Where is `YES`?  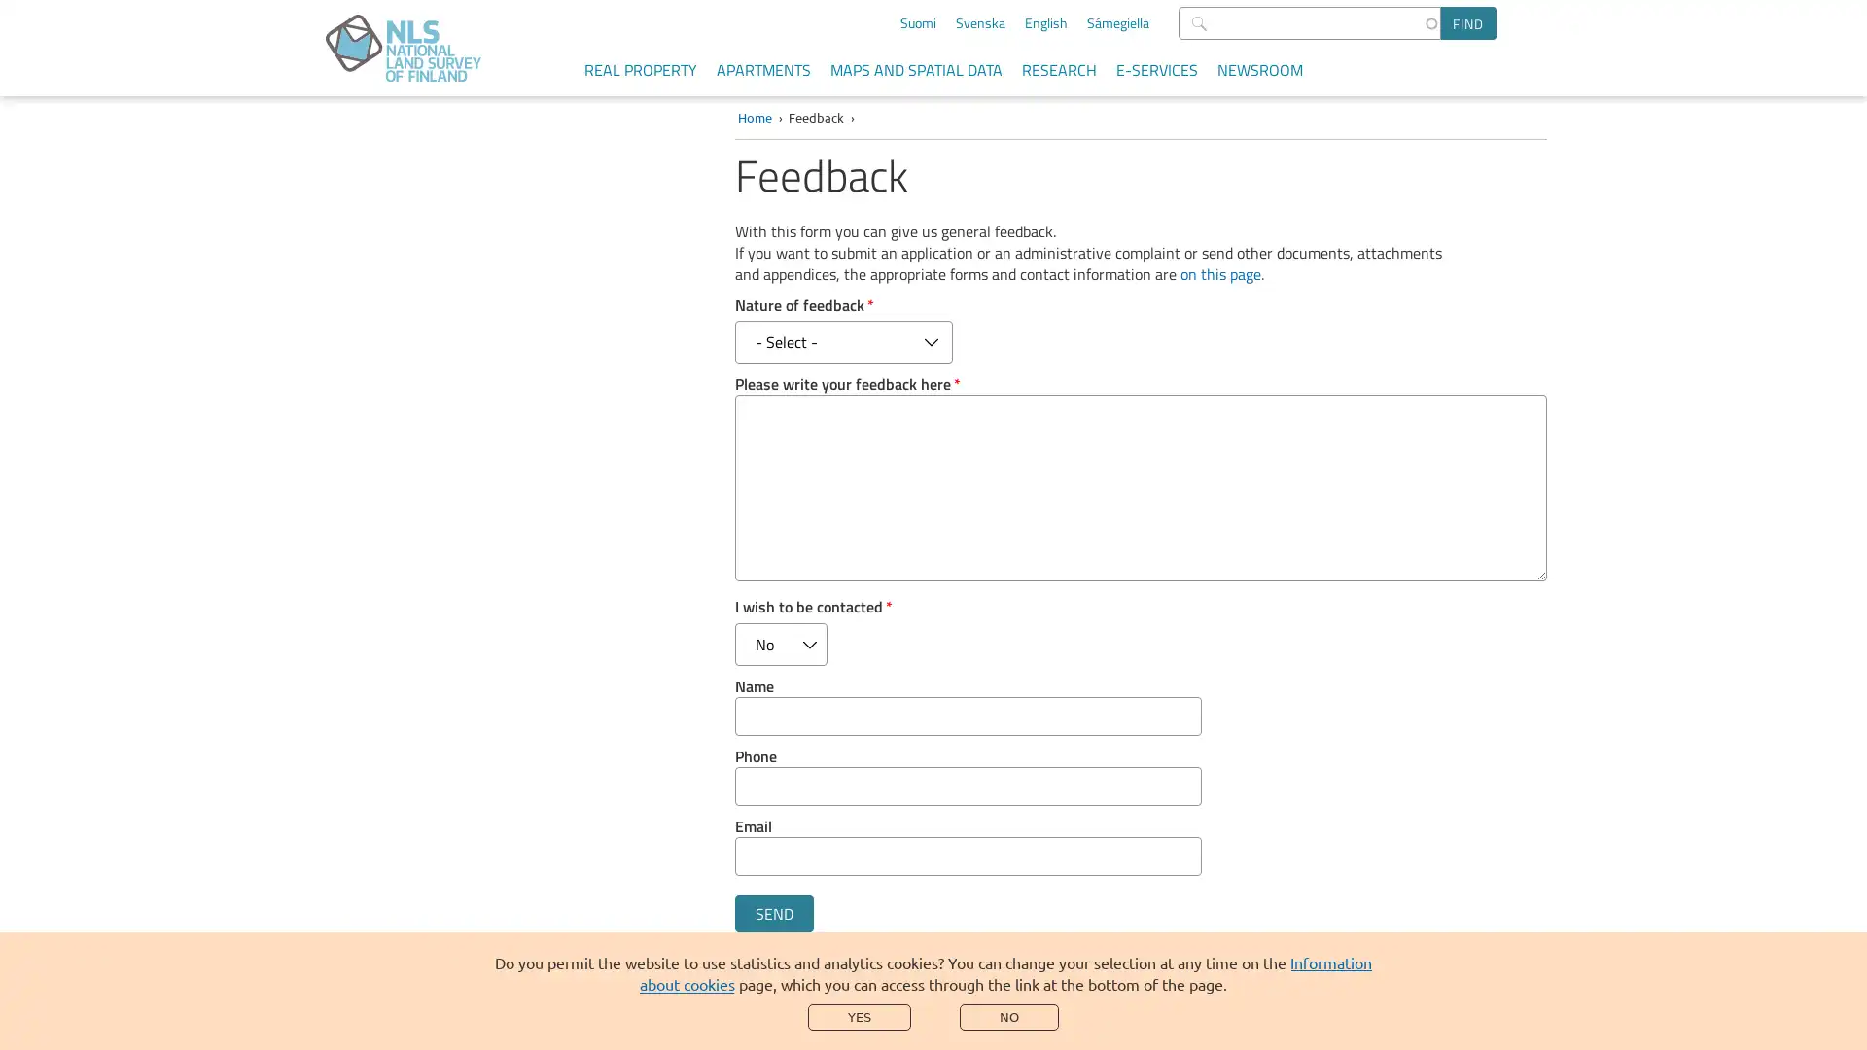 YES is located at coordinates (858, 1016).